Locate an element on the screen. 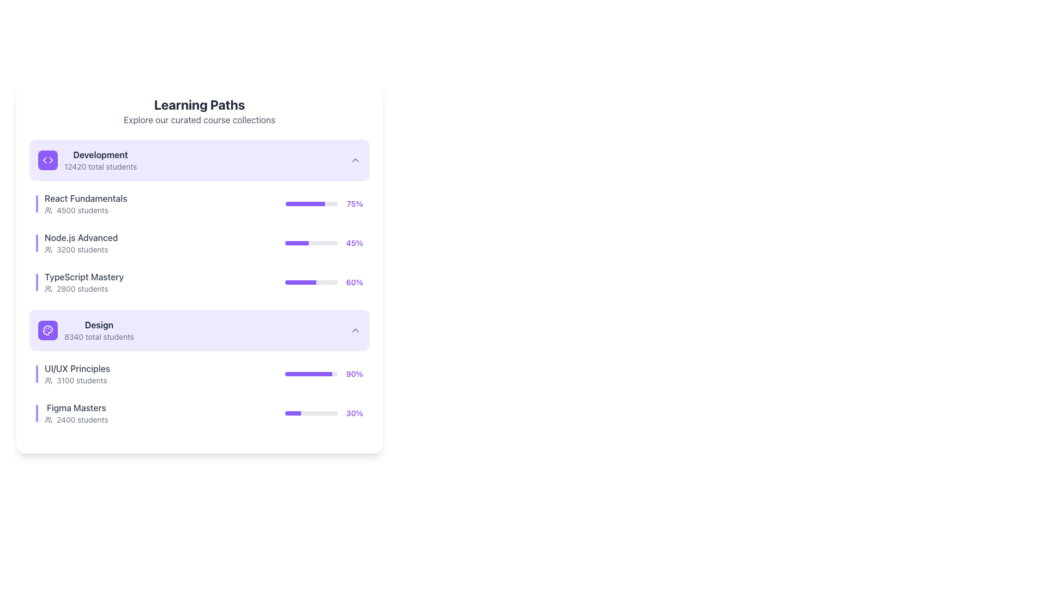 This screenshot has width=1047, height=589. the 'Figma Masters' course name in the course overview listing is located at coordinates (199, 413).